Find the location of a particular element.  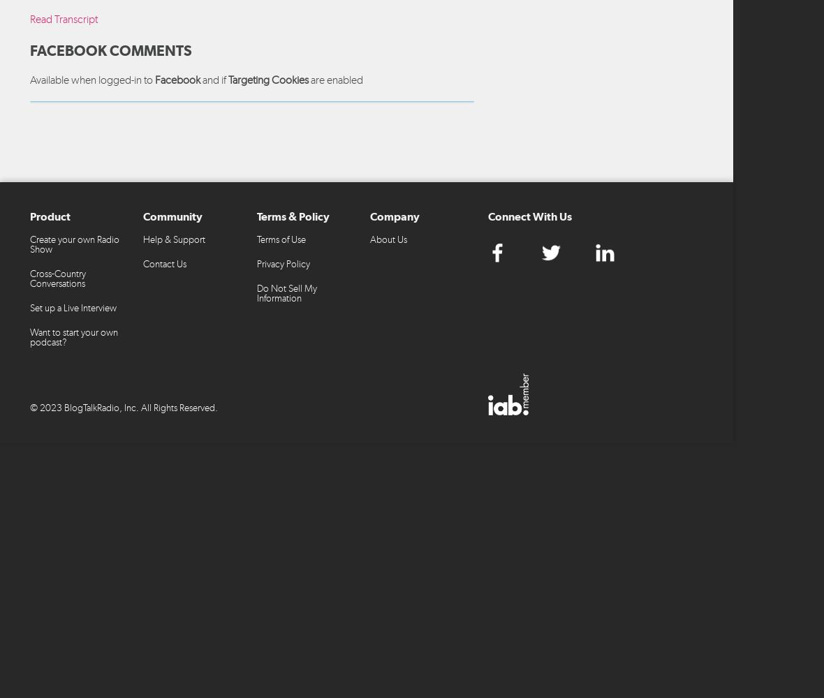

'©
                2023 BlogTalkRadio, Inc. All Rights Reserved.' is located at coordinates (124, 406).